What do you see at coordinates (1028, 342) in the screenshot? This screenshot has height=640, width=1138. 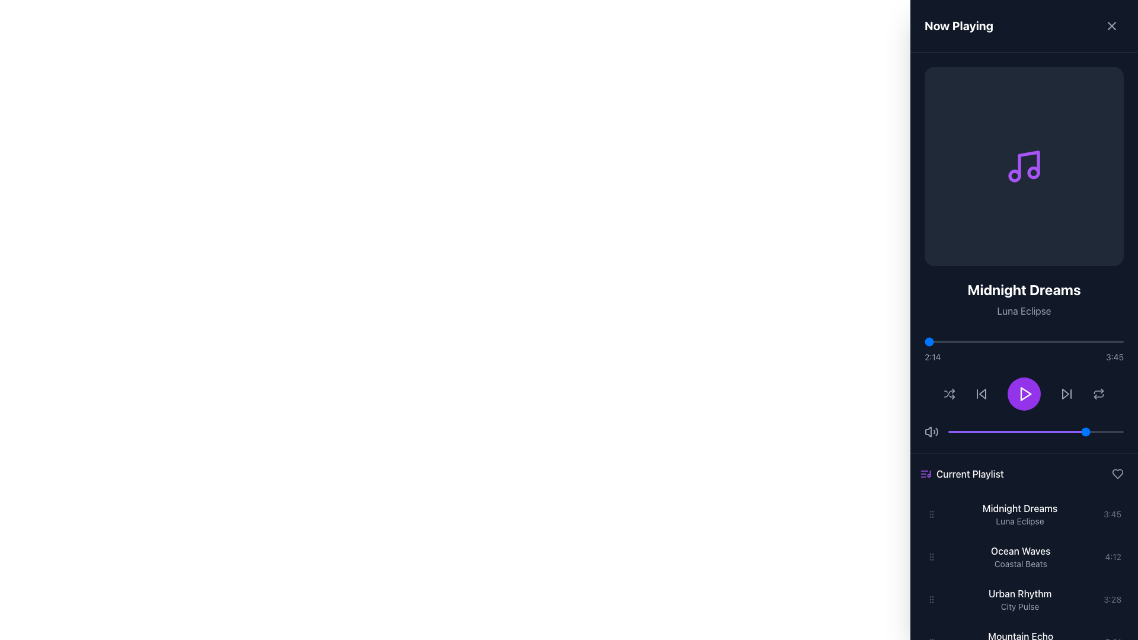 I see `playback position` at bounding box center [1028, 342].